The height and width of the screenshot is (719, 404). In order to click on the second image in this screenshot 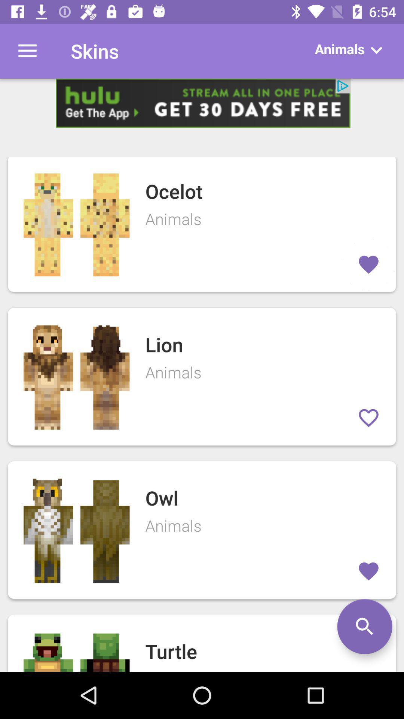, I will do `click(76, 377)`.